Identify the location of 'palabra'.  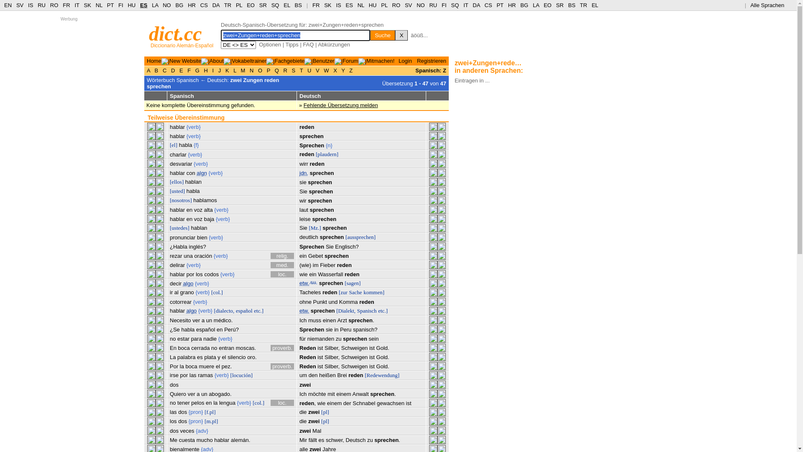
(176, 357).